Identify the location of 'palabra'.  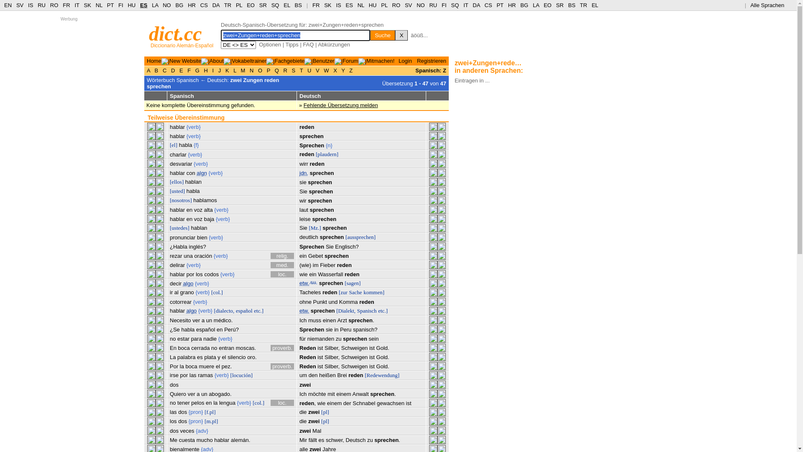
(176, 357).